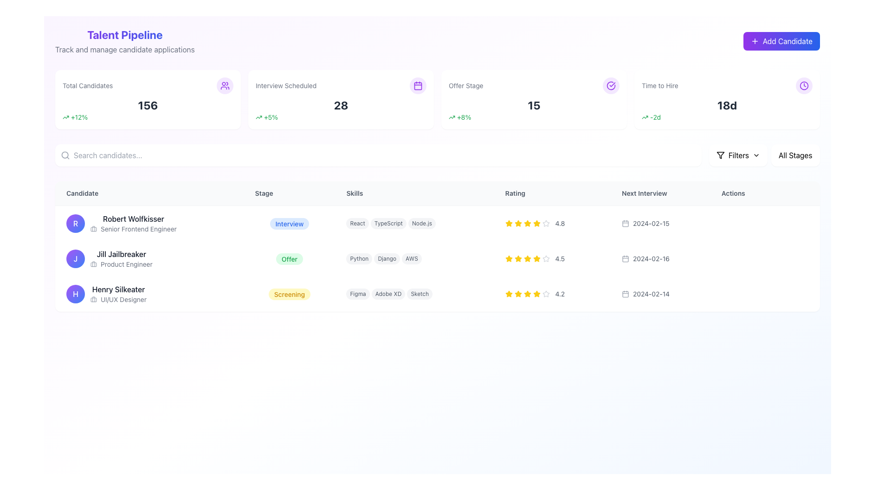  Describe the element at coordinates (149, 294) in the screenshot. I see `the candidate profile of 'Henry Silkeater', a UI/UX Designer, located in the Talent Pipeline section as the third item in the list` at that location.